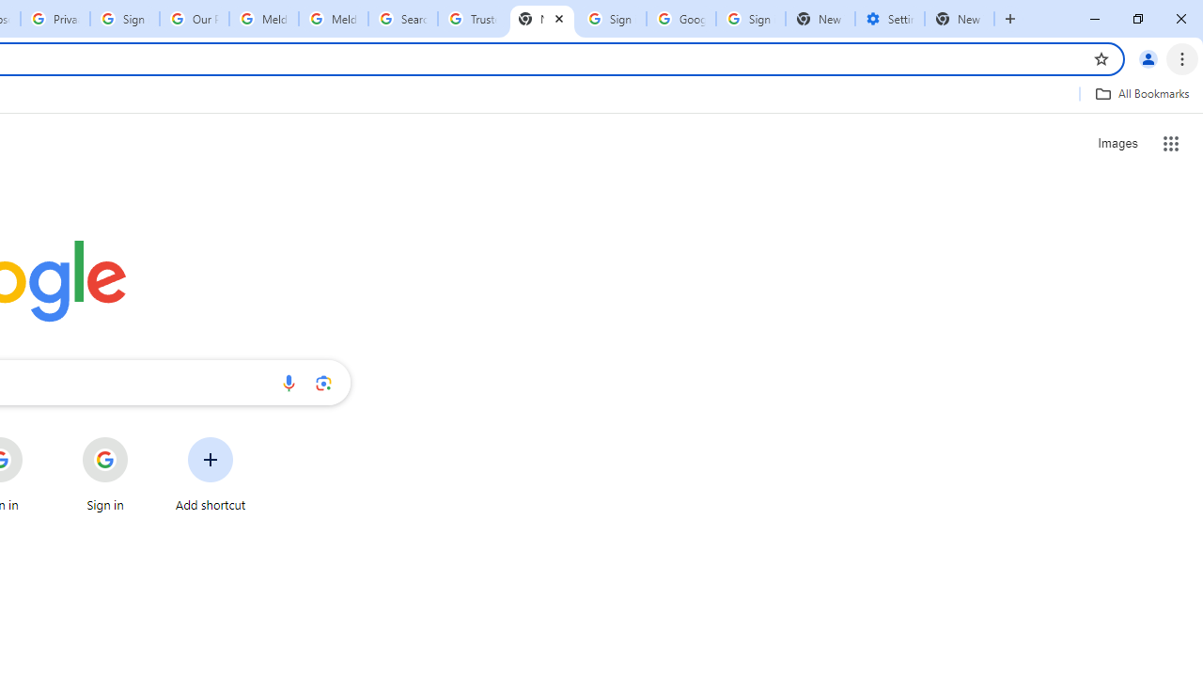  What do you see at coordinates (288, 382) in the screenshot?
I see `'Search by voice'` at bounding box center [288, 382].